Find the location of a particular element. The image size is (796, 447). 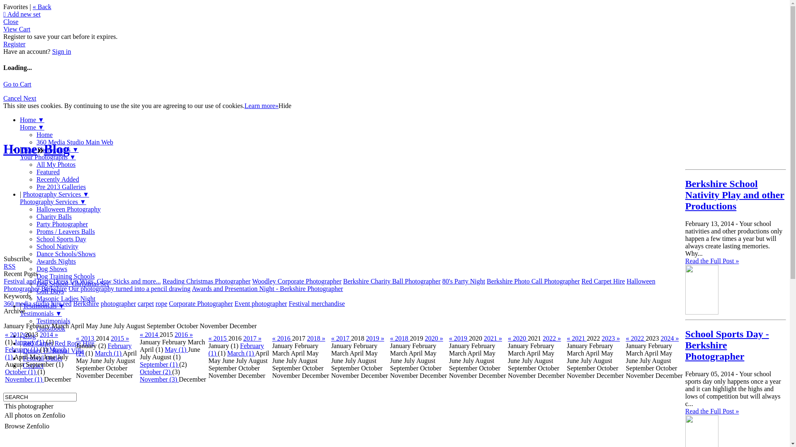

'360 Media Studio Main Web' is located at coordinates (75, 142).